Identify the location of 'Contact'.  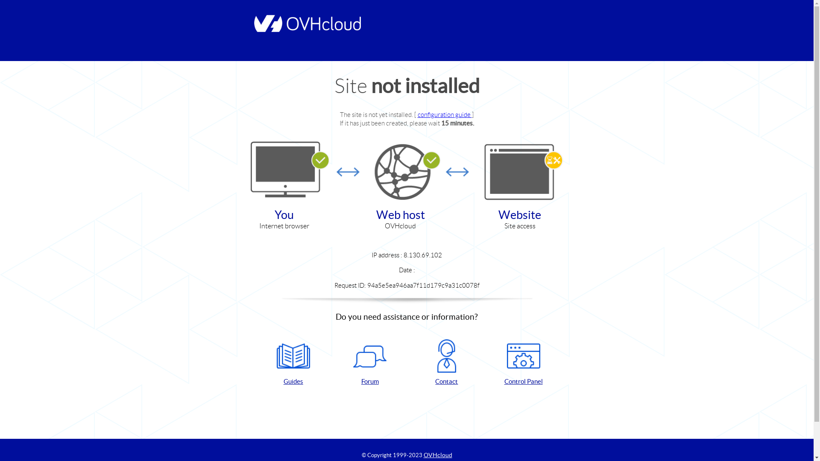
(446, 362).